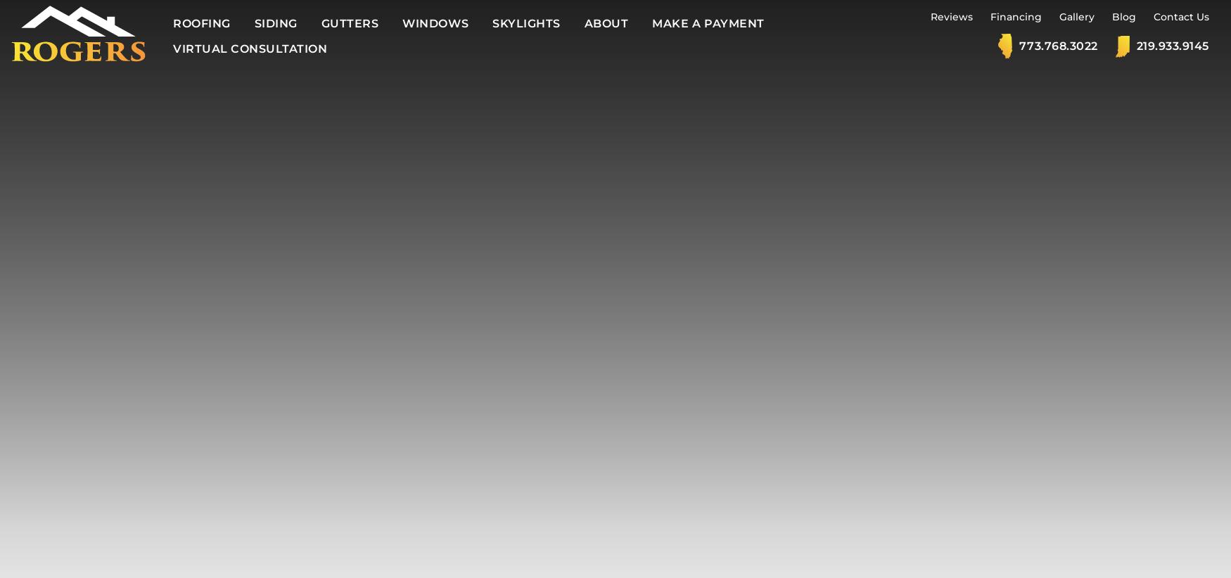 This screenshot has width=1231, height=578. What do you see at coordinates (1057, 46) in the screenshot?
I see `'773.768.3022'` at bounding box center [1057, 46].